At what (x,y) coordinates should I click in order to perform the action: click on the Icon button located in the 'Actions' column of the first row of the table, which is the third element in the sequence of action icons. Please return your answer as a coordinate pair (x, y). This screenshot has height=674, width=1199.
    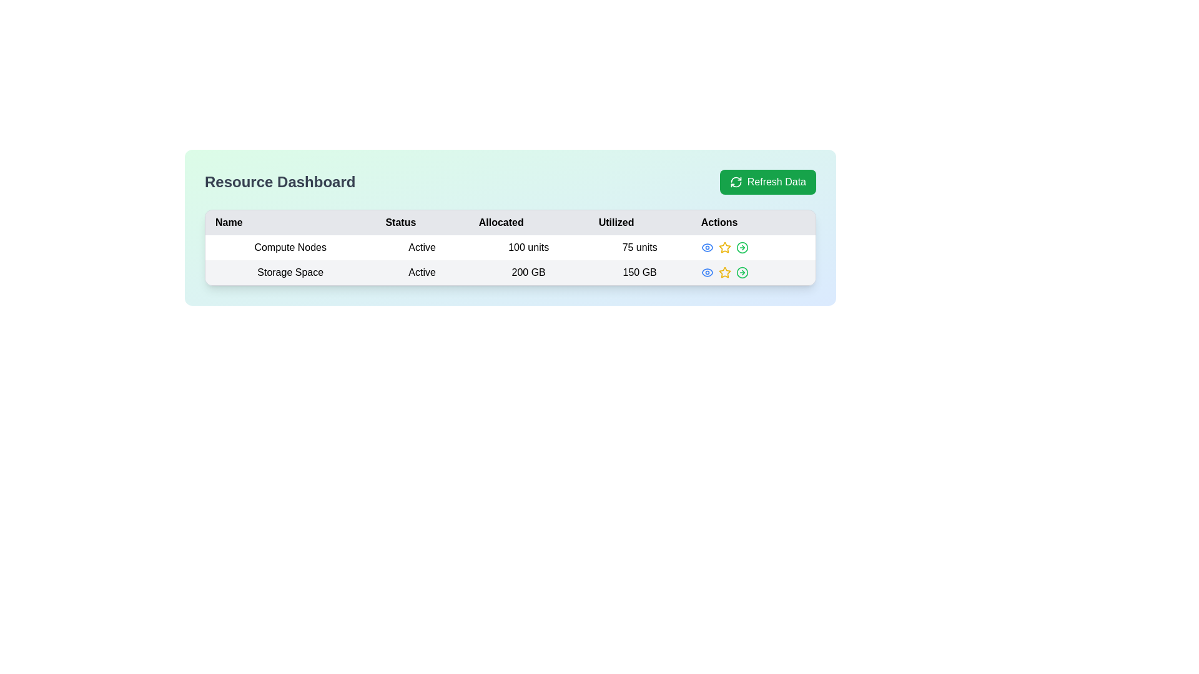
    Looking at the image, I should click on (742, 248).